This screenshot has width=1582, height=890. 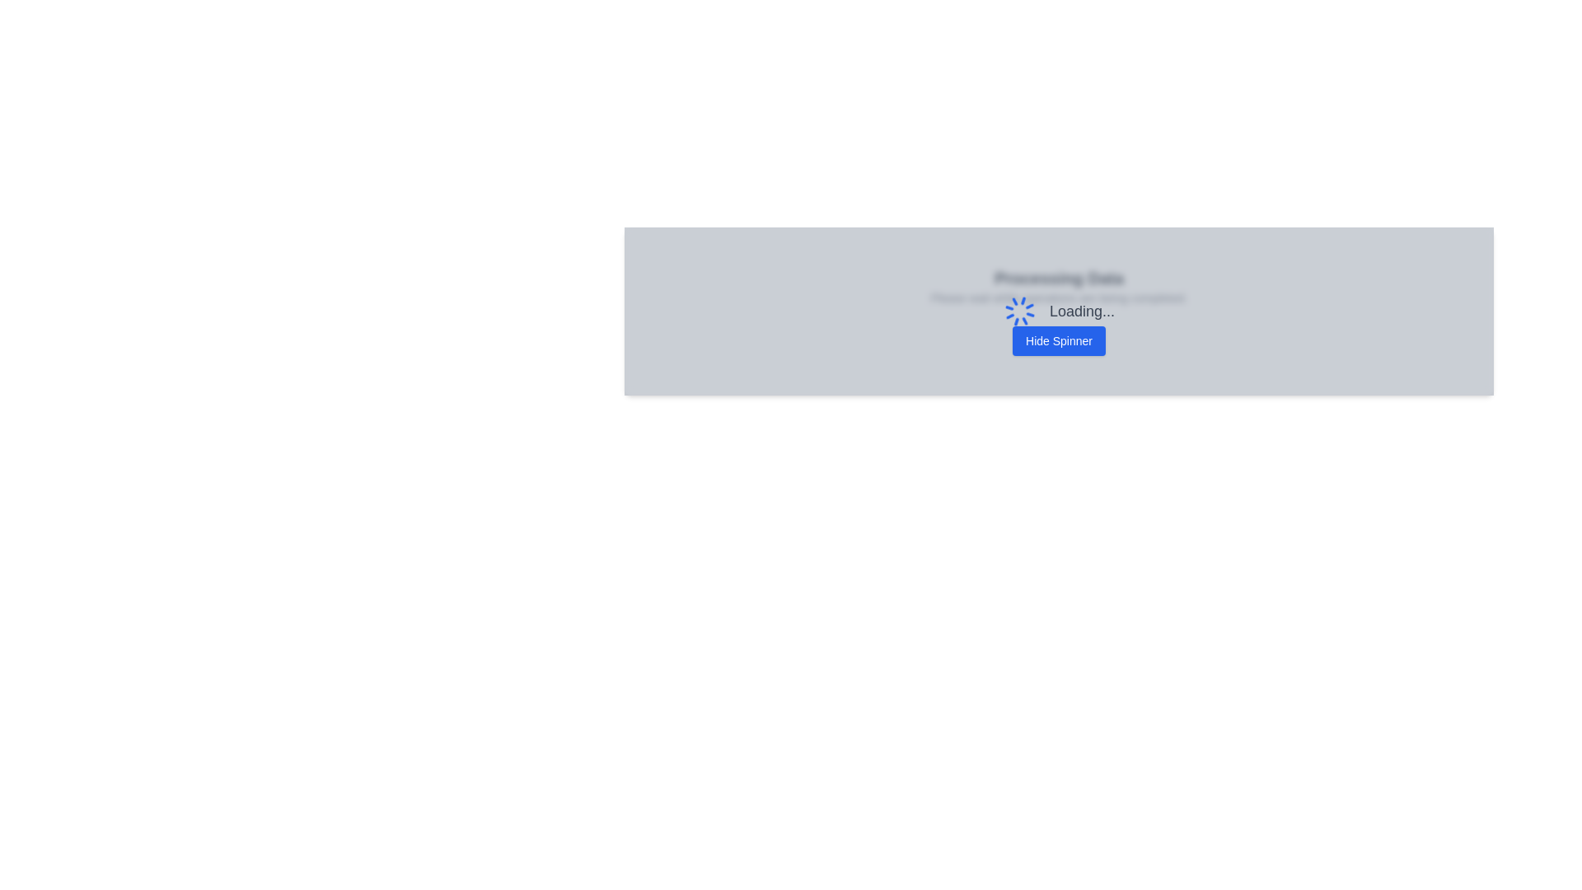 What do you see at coordinates (1019, 311) in the screenshot?
I see `the Loader/Spinner Icon, which is located in the center of the semi-transparent gray overlay, to the left of the 'Loading...' text and above the 'Hide Spinner' button` at bounding box center [1019, 311].